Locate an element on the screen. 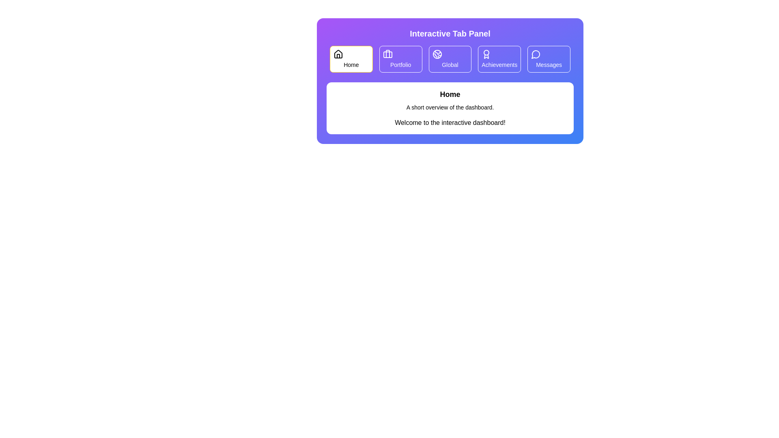  the 'Messages' icon located in the upper-right section of the interactive tab panel is located at coordinates (536, 54).